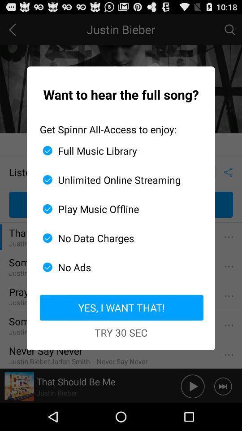 The width and height of the screenshot is (242, 431). What do you see at coordinates (117, 237) in the screenshot?
I see `no data charges app` at bounding box center [117, 237].